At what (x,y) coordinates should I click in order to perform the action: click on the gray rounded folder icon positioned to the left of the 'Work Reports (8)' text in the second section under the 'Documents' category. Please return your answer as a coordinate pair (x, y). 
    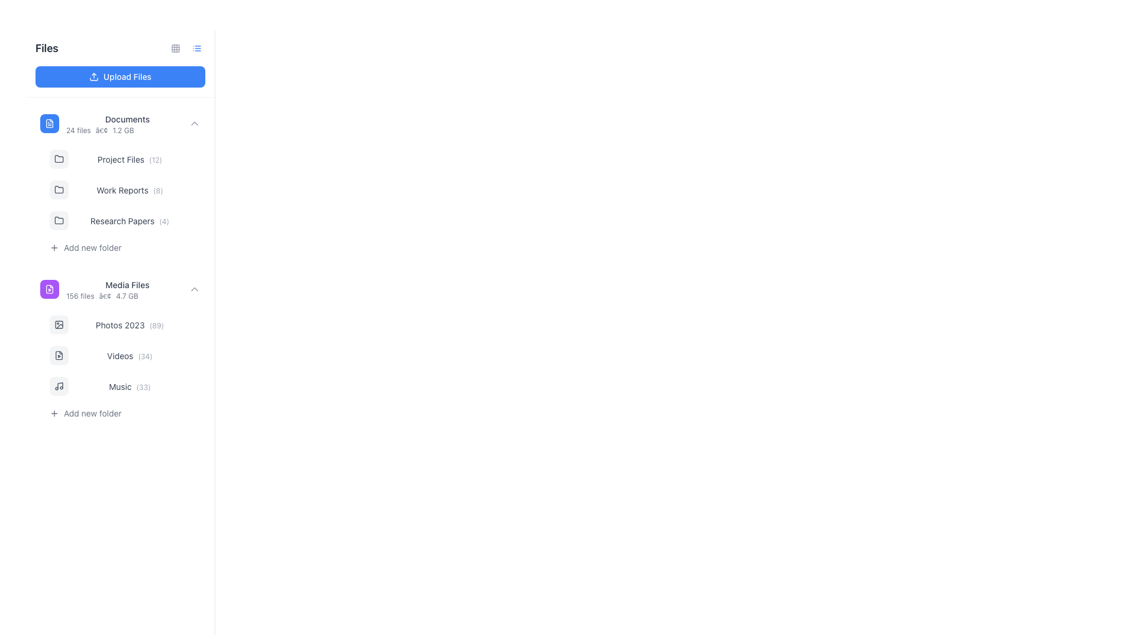
    Looking at the image, I should click on (59, 189).